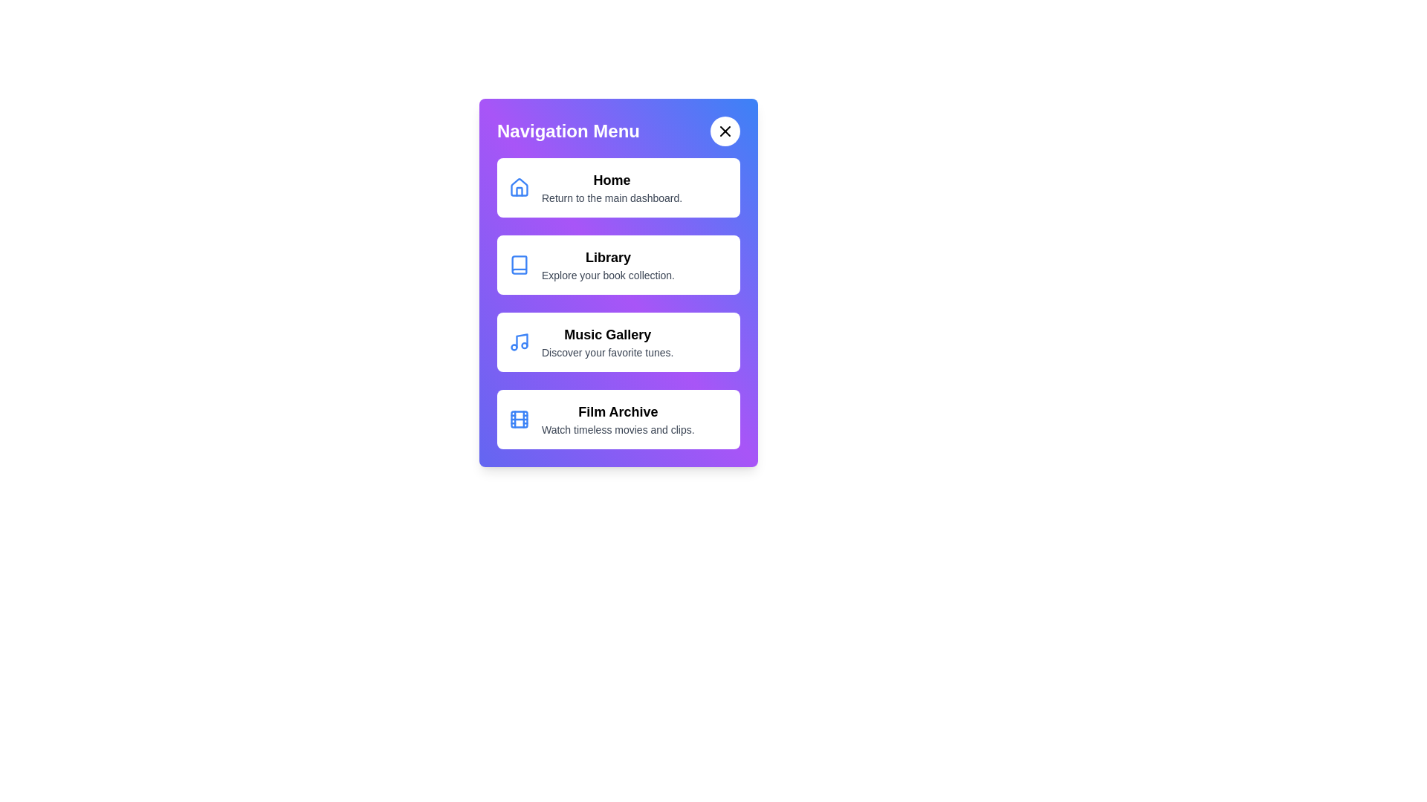 The width and height of the screenshot is (1427, 802). I want to click on the navigation menu item Film Archive, so click(618, 419).